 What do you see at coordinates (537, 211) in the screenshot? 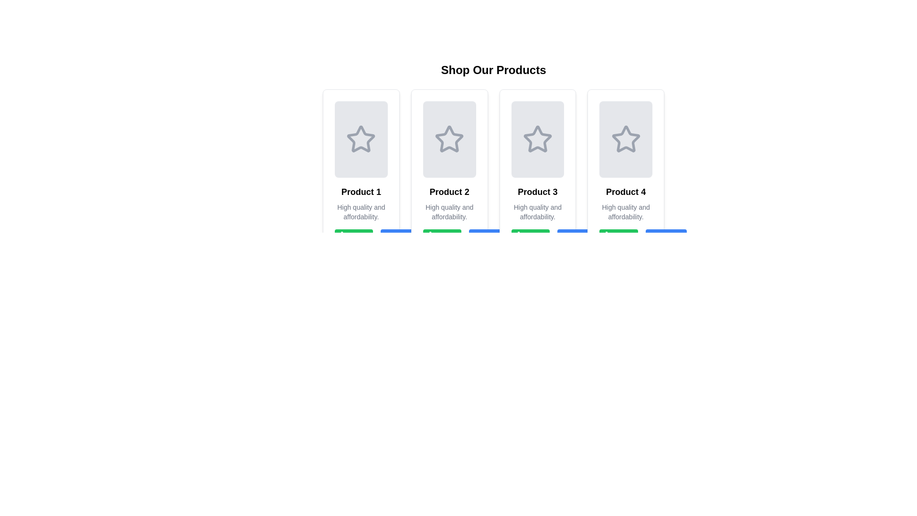
I see `the text label displaying 'High quality and affordability.' which is located below the heading 'Product 3' and above the action buttons` at bounding box center [537, 211].